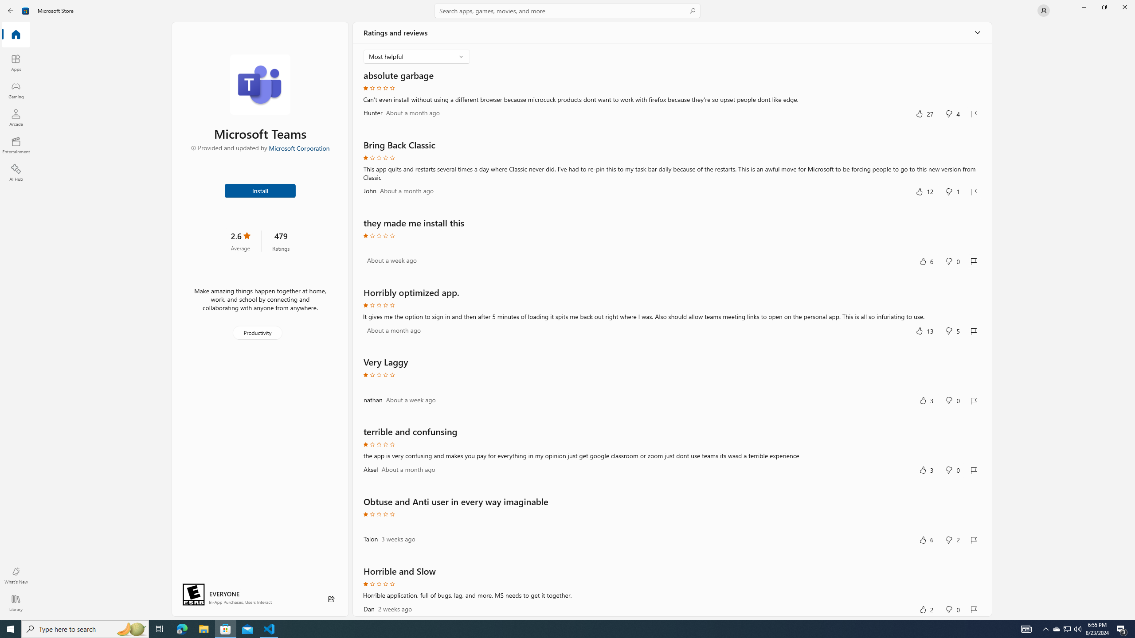 The width and height of the screenshot is (1135, 638). What do you see at coordinates (15, 35) in the screenshot?
I see `'Home'` at bounding box center [15, 35].